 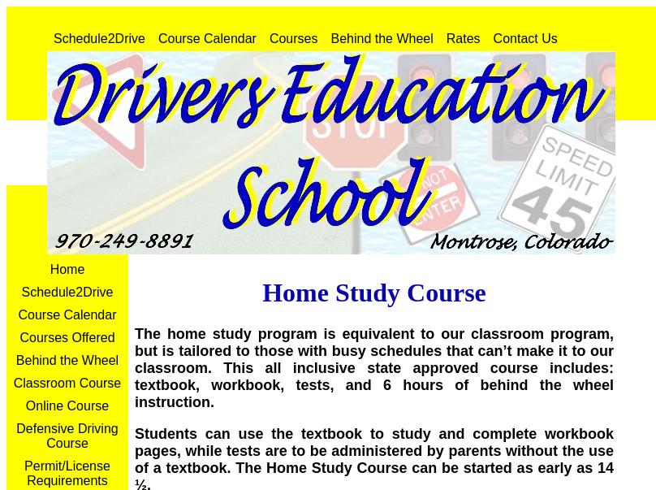 What do you see at coordinates (67, 269) in the screenshot?
I see `'Home'` at bounding box center [67, 269].